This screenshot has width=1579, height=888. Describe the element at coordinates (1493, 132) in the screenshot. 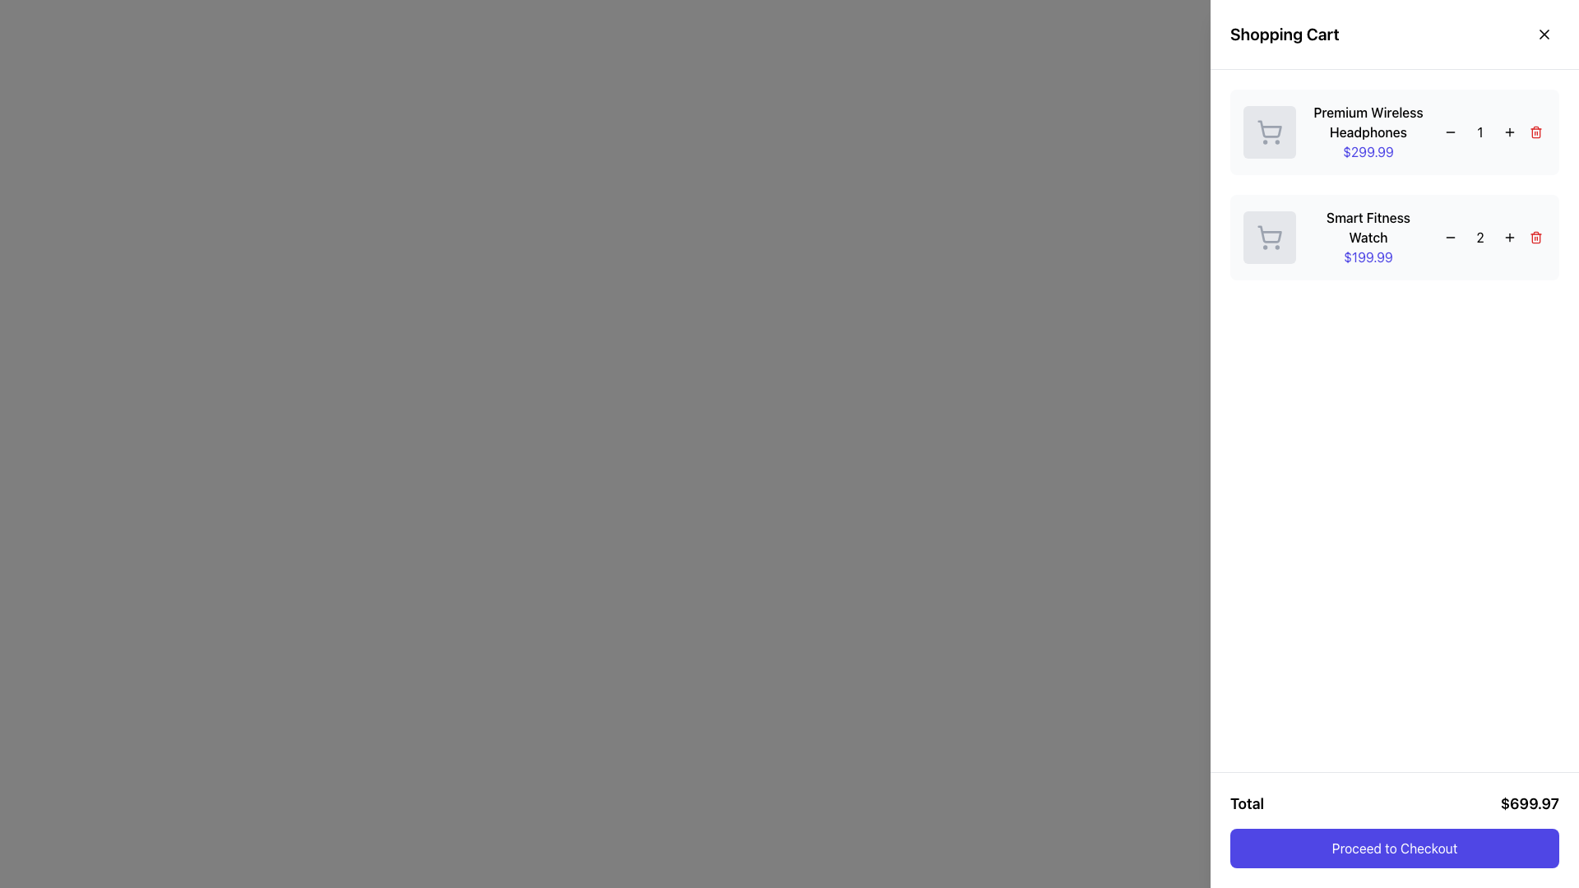

I see `the numeric counter displaying the value '1' for the item 'Premium Wireless Headphones' in the shopping cart to focus on it` at that location.